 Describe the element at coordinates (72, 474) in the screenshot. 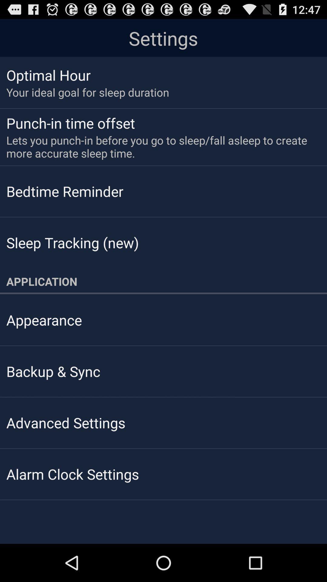

I see `the alarm clock settings` at that location.